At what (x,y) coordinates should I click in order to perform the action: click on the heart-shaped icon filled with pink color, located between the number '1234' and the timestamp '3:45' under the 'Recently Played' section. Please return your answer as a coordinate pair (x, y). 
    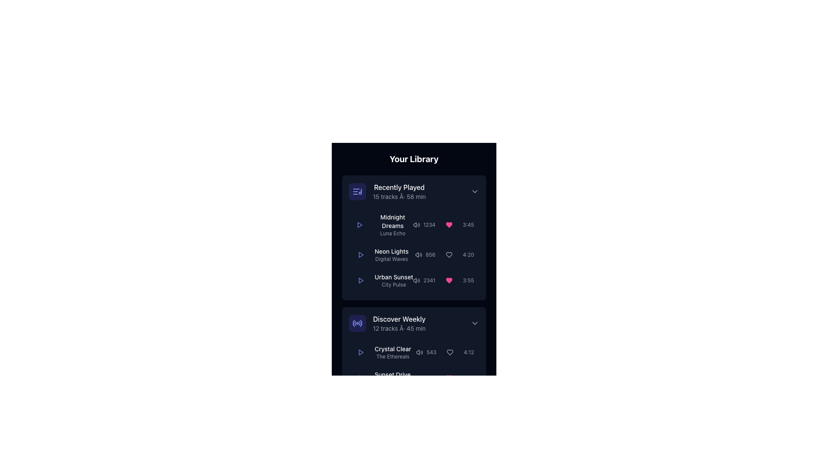
    Looking at the image, I should click on (448, 224).